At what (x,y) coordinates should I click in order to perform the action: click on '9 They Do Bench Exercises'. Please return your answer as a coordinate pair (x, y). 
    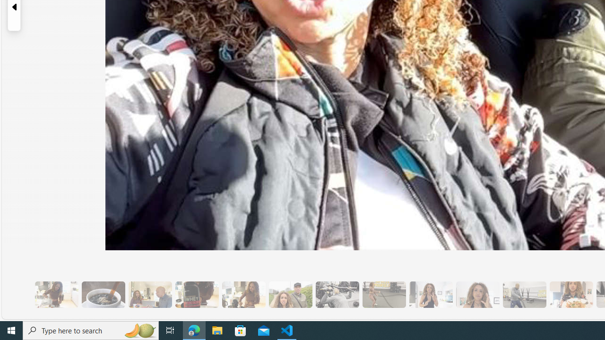
    Looking at the image, I should click on (337, 294).